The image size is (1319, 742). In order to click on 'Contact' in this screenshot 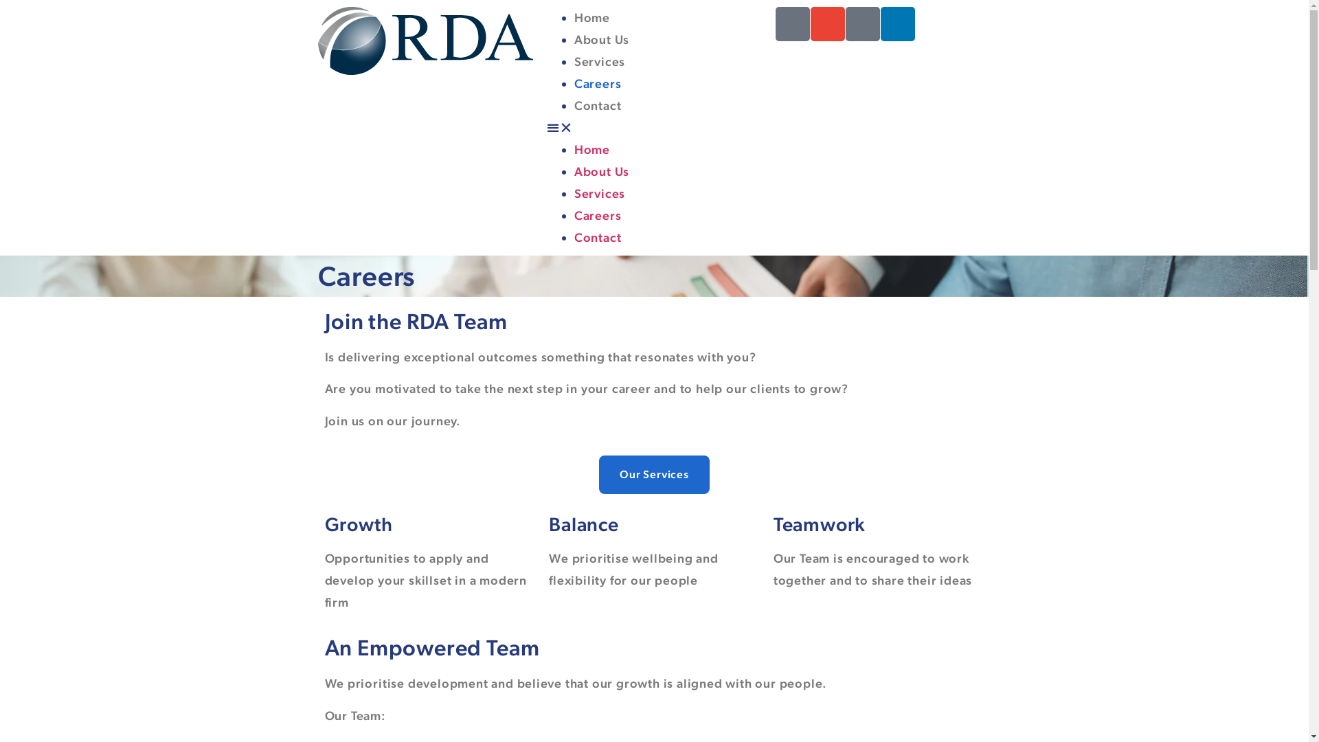, I will do `click(598, 236)`.